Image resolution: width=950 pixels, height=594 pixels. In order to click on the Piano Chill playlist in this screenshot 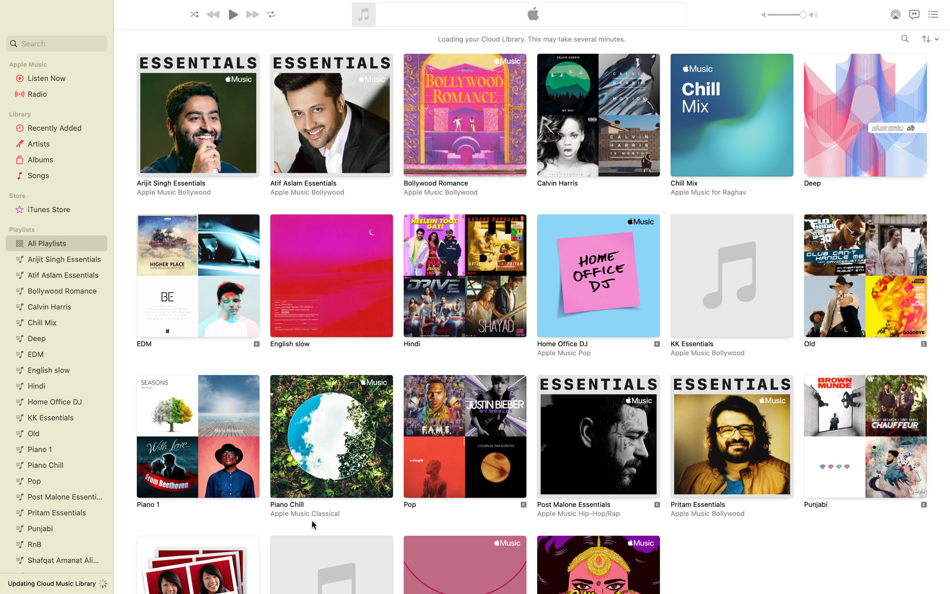, I will do `click(332, 448)`.